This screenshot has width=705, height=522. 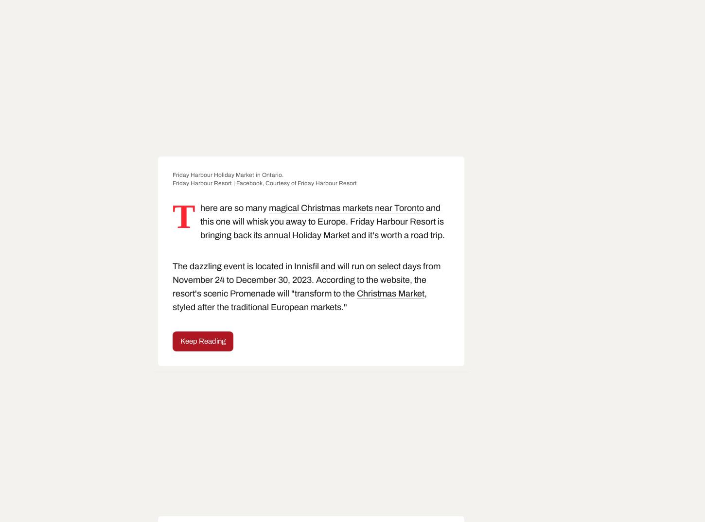 I want to click on 'There are so many', so click(x=220, y=215).